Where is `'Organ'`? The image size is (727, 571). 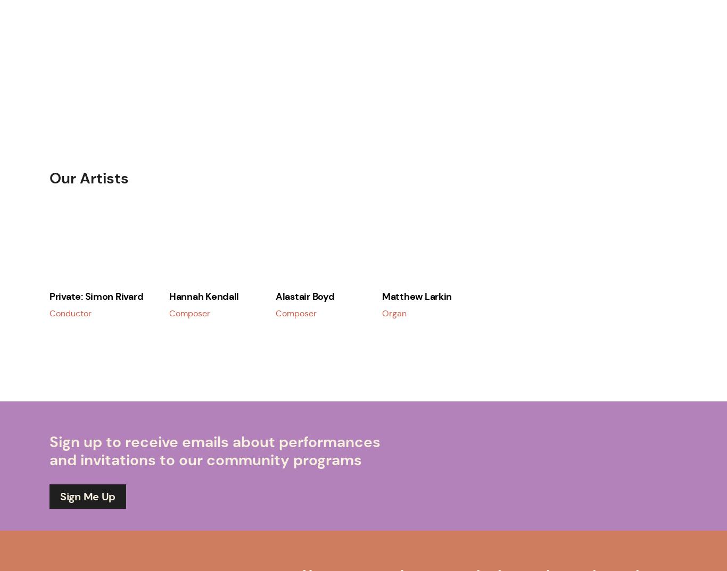
'Organ' is located at coordinates (394, 312).